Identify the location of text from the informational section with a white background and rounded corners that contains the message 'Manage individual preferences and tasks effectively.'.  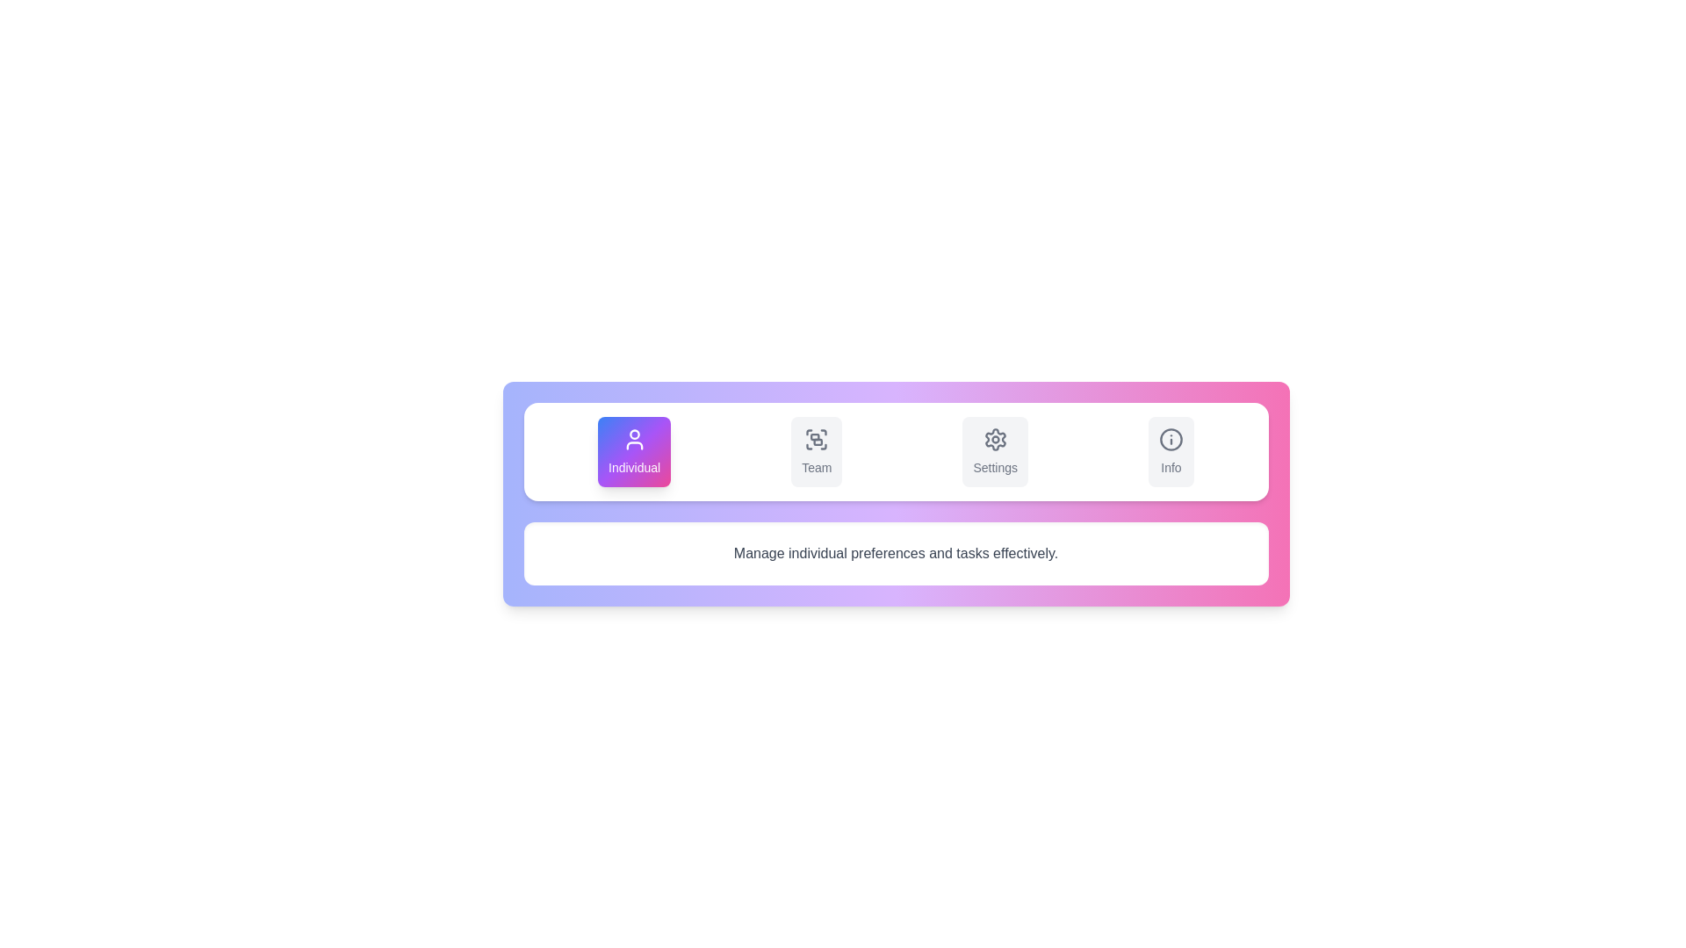
(896, 554).